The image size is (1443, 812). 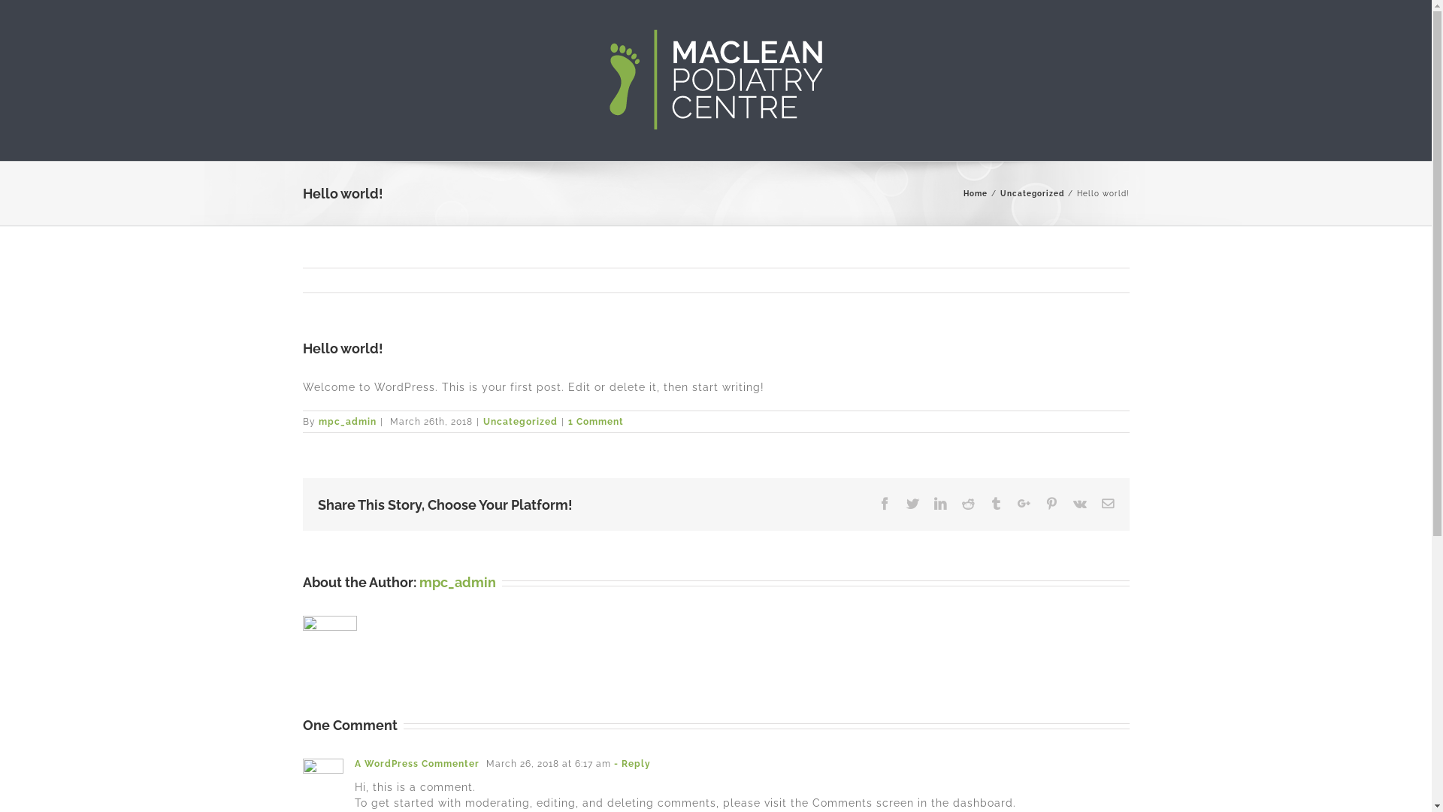 I want to click on 'Vk', so click(x=1078, y=504).